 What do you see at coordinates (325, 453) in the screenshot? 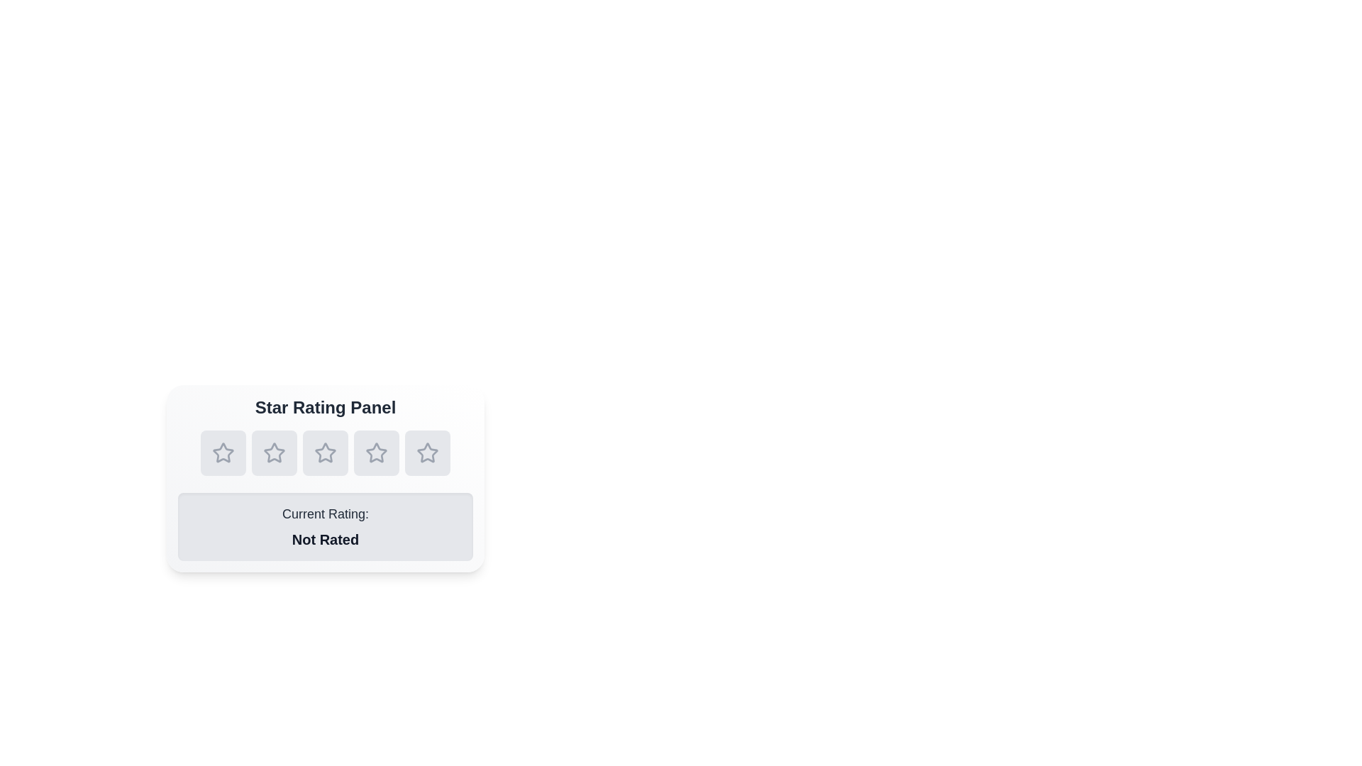
I see `the third star icon in the star rating system to select the third rating option` at bounding box center [325, 453].